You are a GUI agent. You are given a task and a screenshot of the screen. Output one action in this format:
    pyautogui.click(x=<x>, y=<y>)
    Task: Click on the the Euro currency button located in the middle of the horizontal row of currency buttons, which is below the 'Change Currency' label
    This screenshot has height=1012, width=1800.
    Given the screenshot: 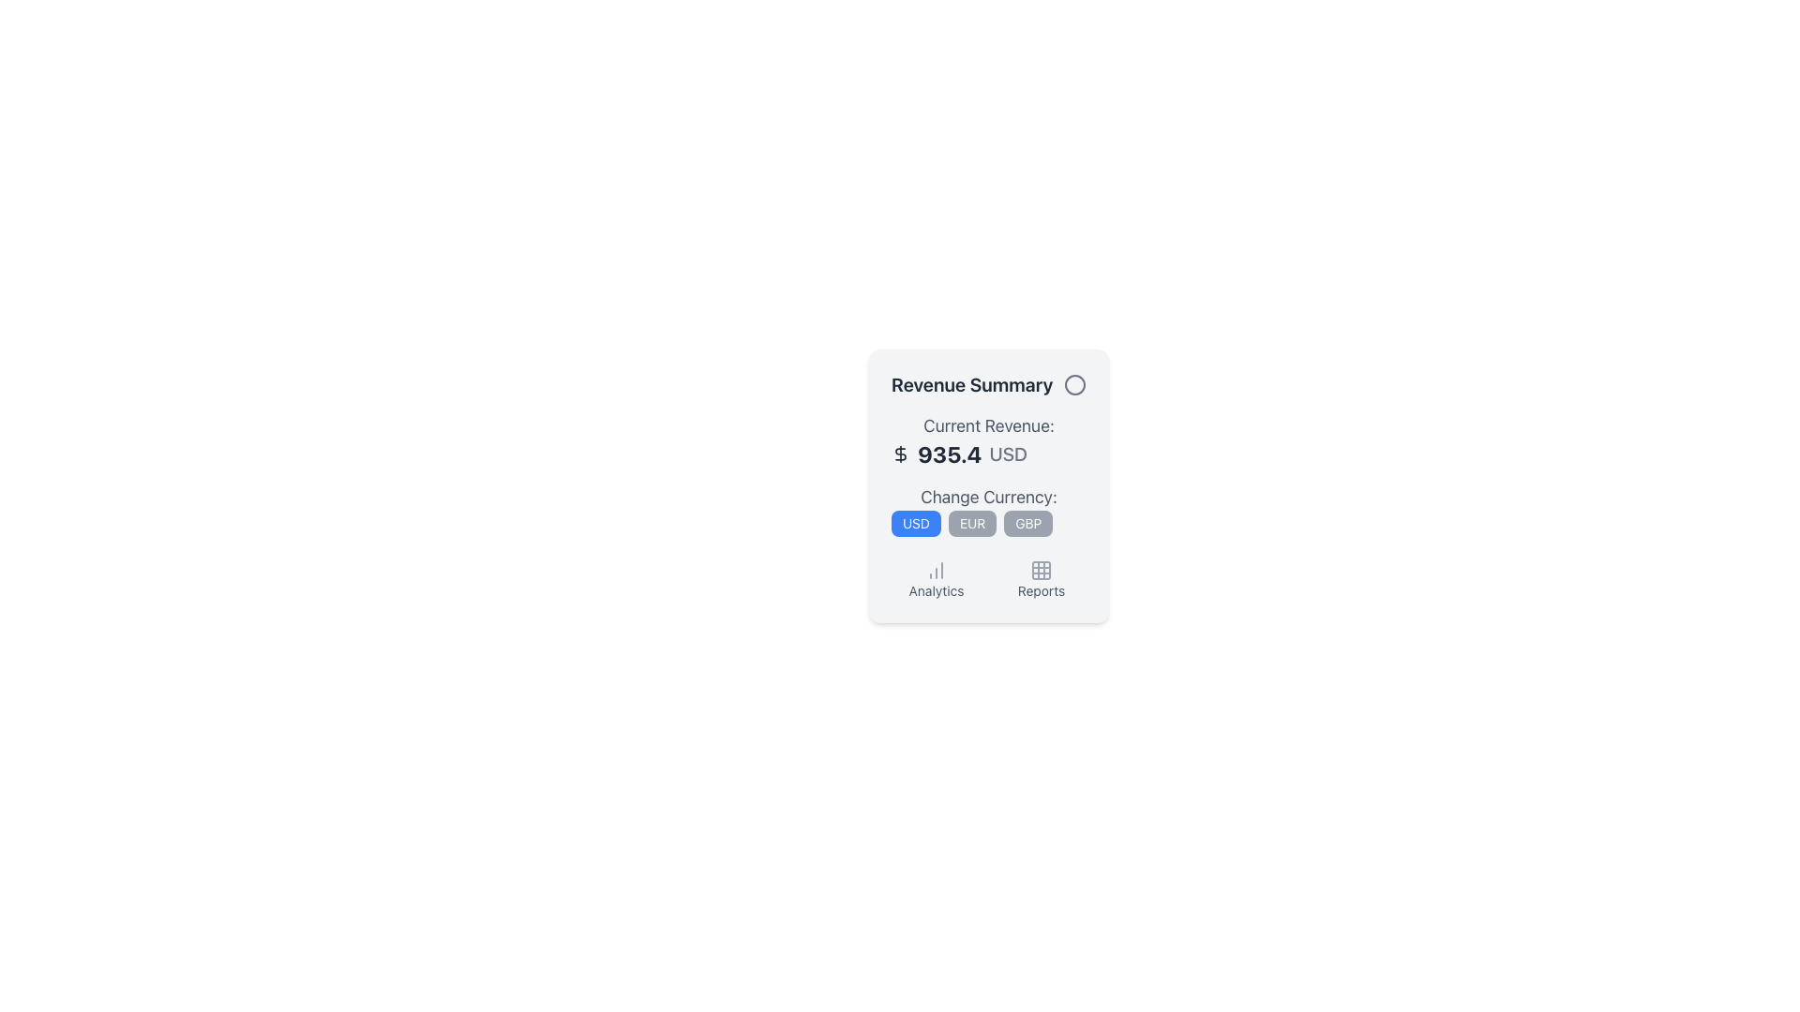 What is the action you would take?
    pyautogui.click(x=971, y=524)
    